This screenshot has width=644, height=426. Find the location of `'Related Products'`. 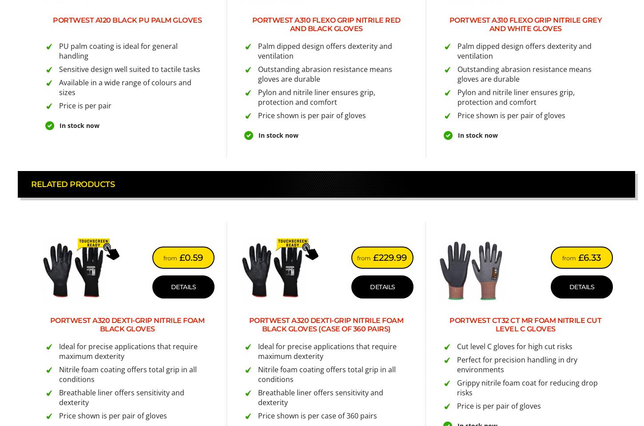

'Related Products' is located at coordinates (72, 183).